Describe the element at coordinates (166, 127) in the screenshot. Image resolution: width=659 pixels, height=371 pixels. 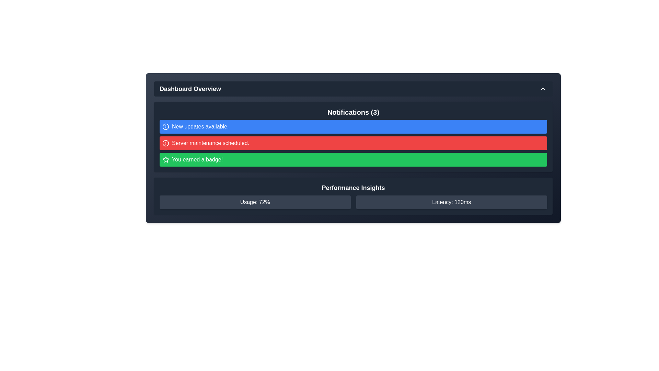
I see `the icon or decorative graphic positioned within the first notification entry in the Notifications section of the Dashboard, which is styled with a blue background and aligned to the left of the text 'New updates available.'` at that location.